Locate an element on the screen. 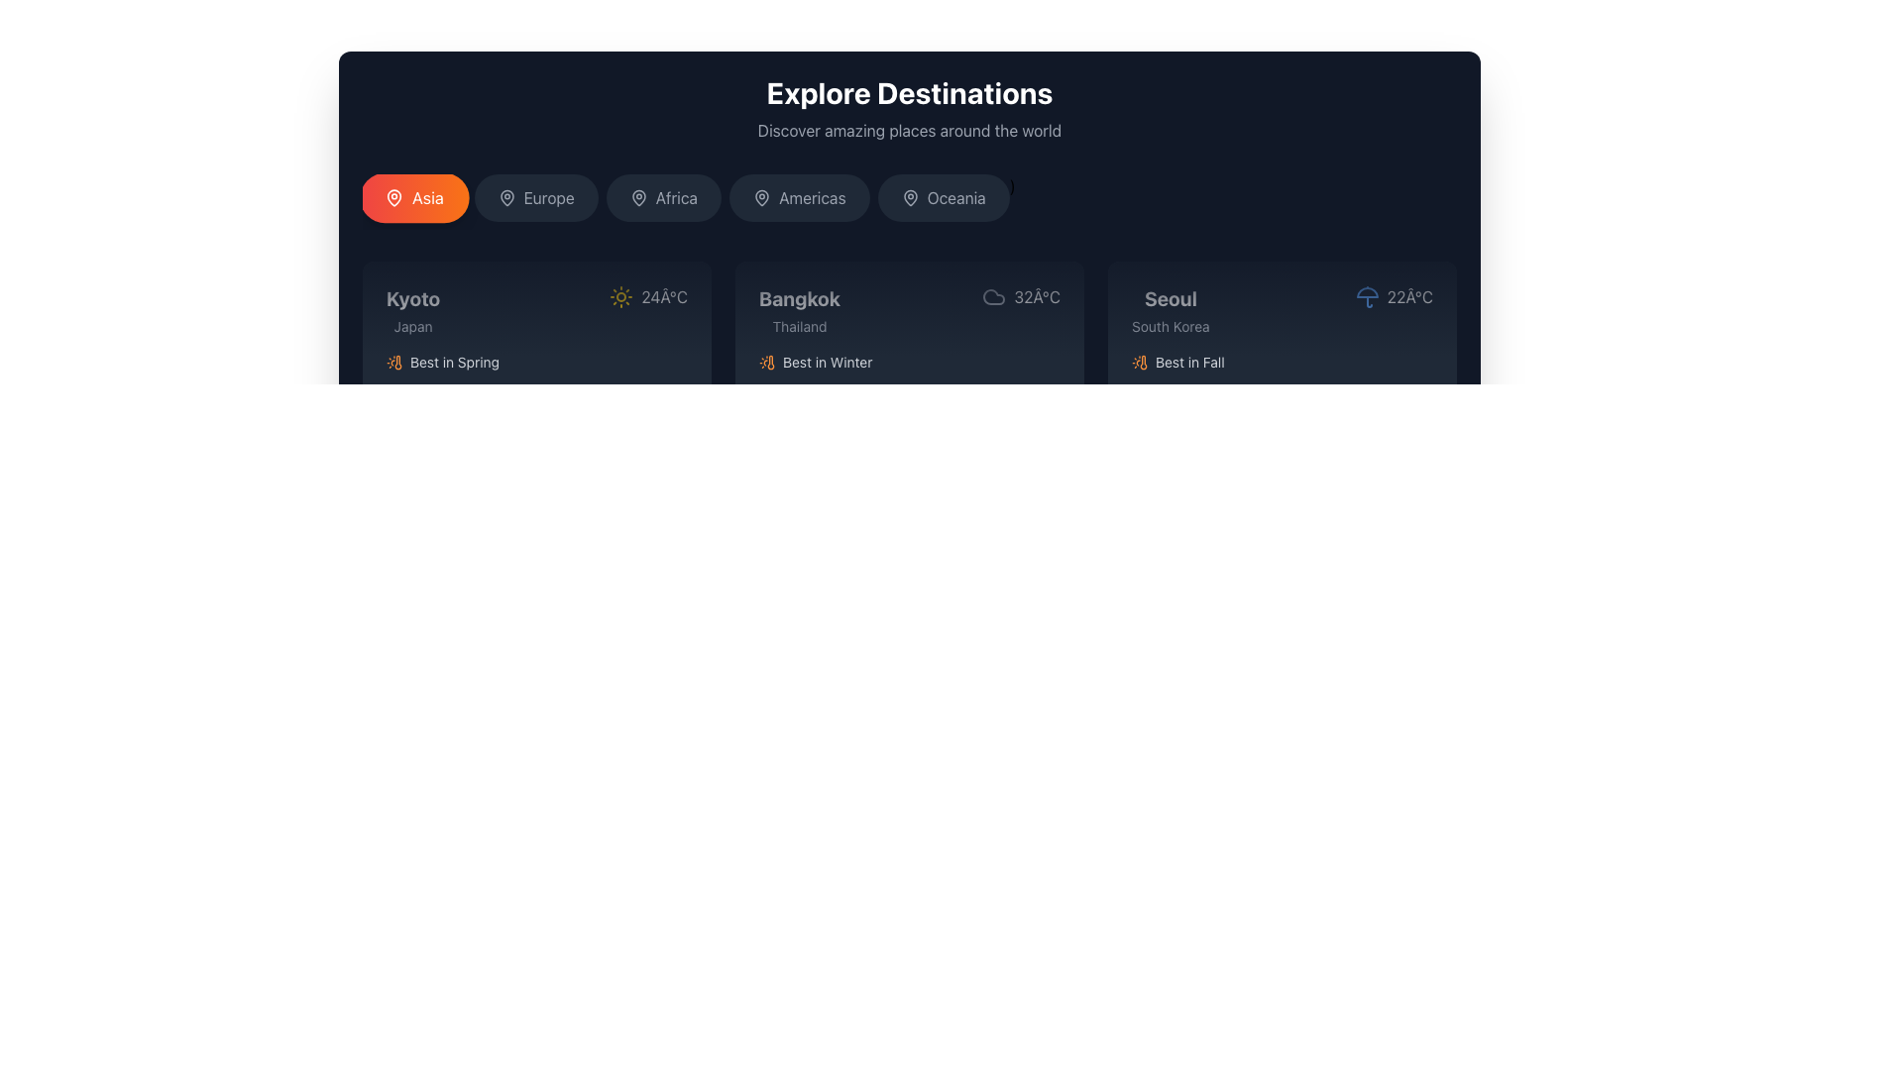 Image resolution: width=1903 pixels, height=1070 pixels. the orange thermometer icon located within the weather information card, positioned beneath the temperature details and to the left of the descriptive text is located at coordinates (769, 363).